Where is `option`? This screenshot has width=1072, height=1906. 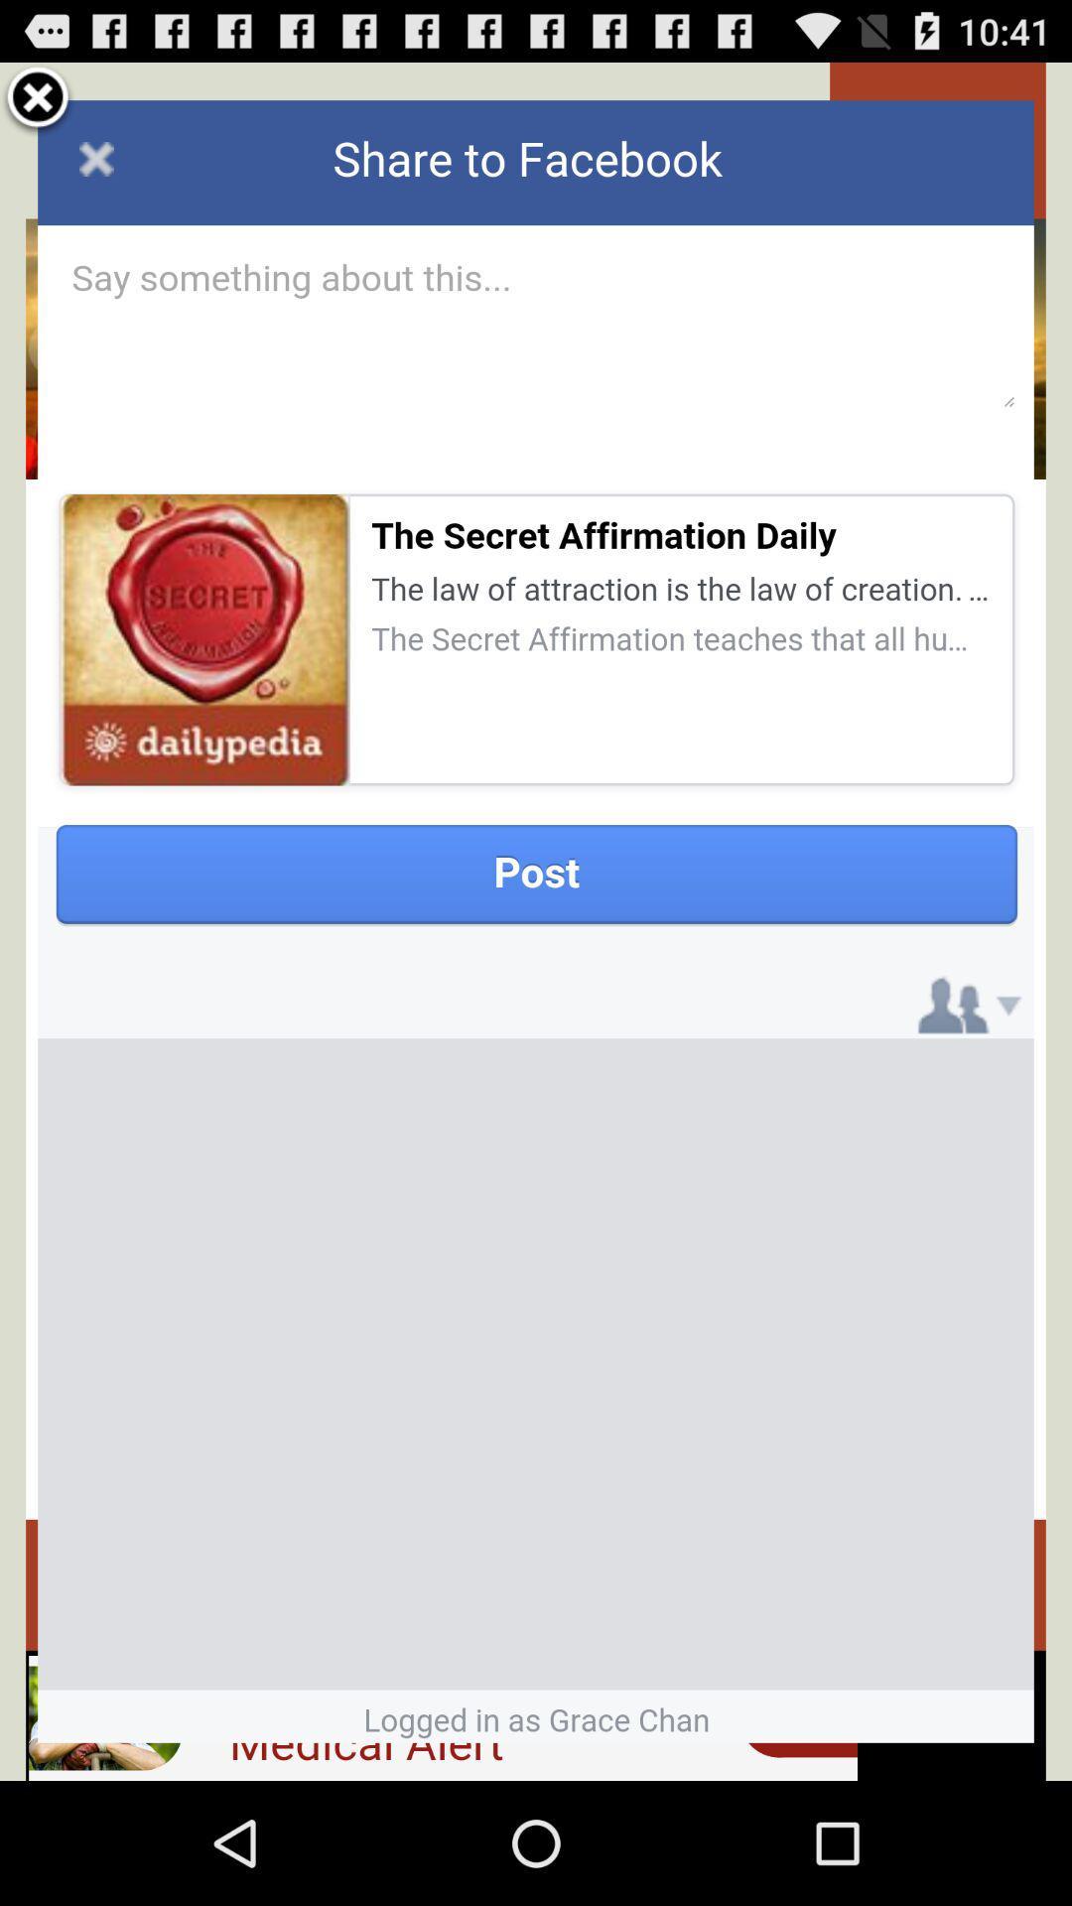
option is located at coordinates (38, 99).